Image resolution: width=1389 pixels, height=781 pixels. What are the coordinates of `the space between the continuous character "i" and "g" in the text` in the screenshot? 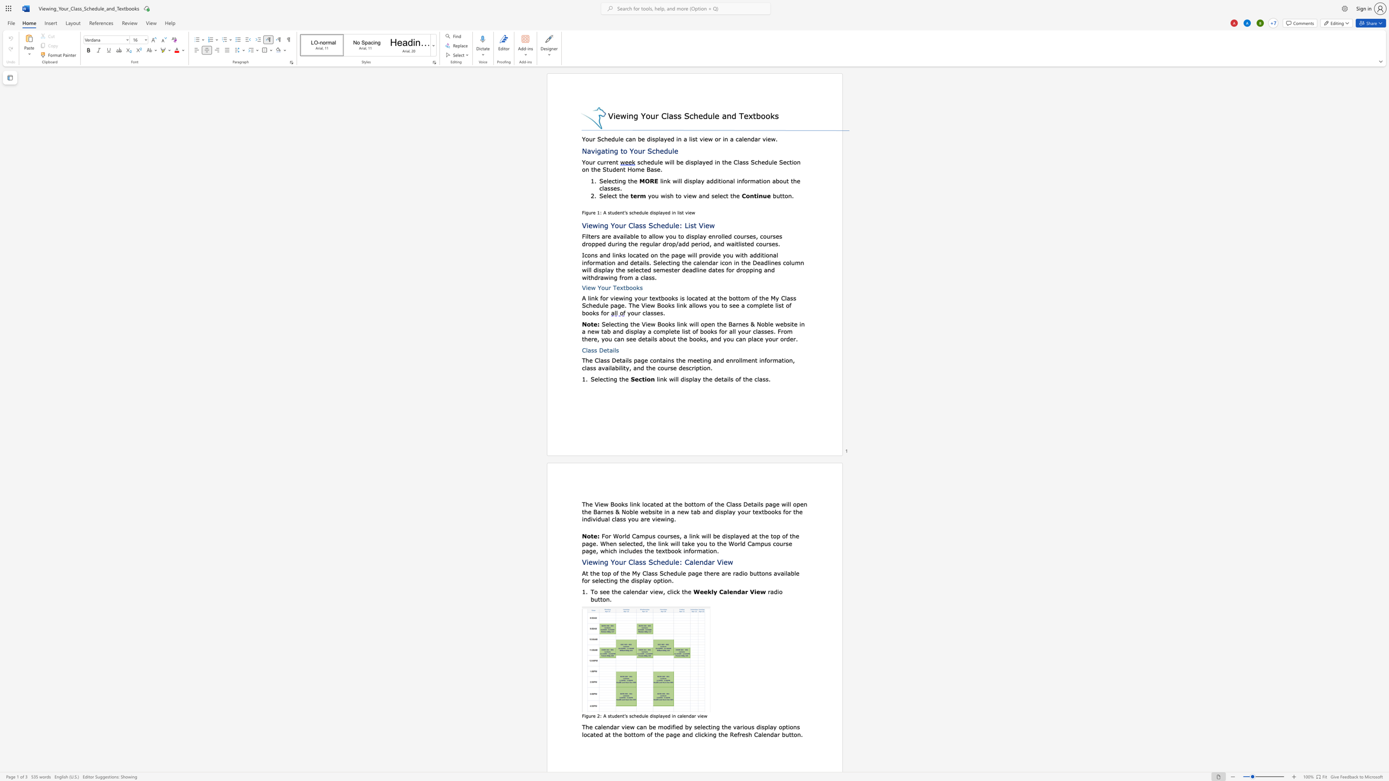 It's located at (597, 150).